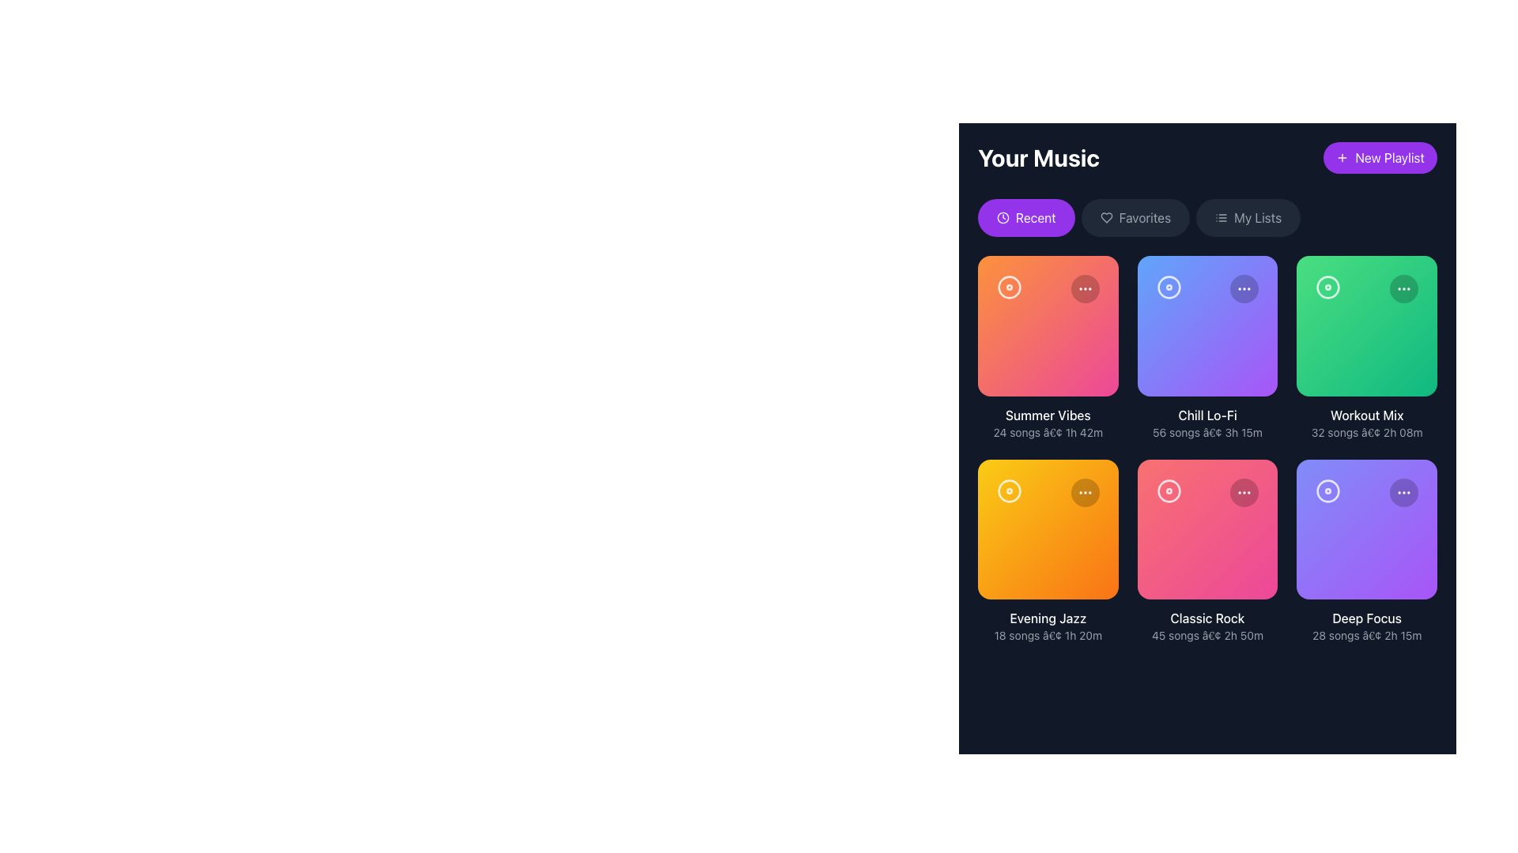 This screenshot has width=1518, height=853. What do you see at coordinates (1404, 491) in the screenshot?
I see `the Ellipsis icon located at the top-right corner of the 'Deep Focus' card, which serves as a trigger for additional options` at bounding box center [1404, 491].